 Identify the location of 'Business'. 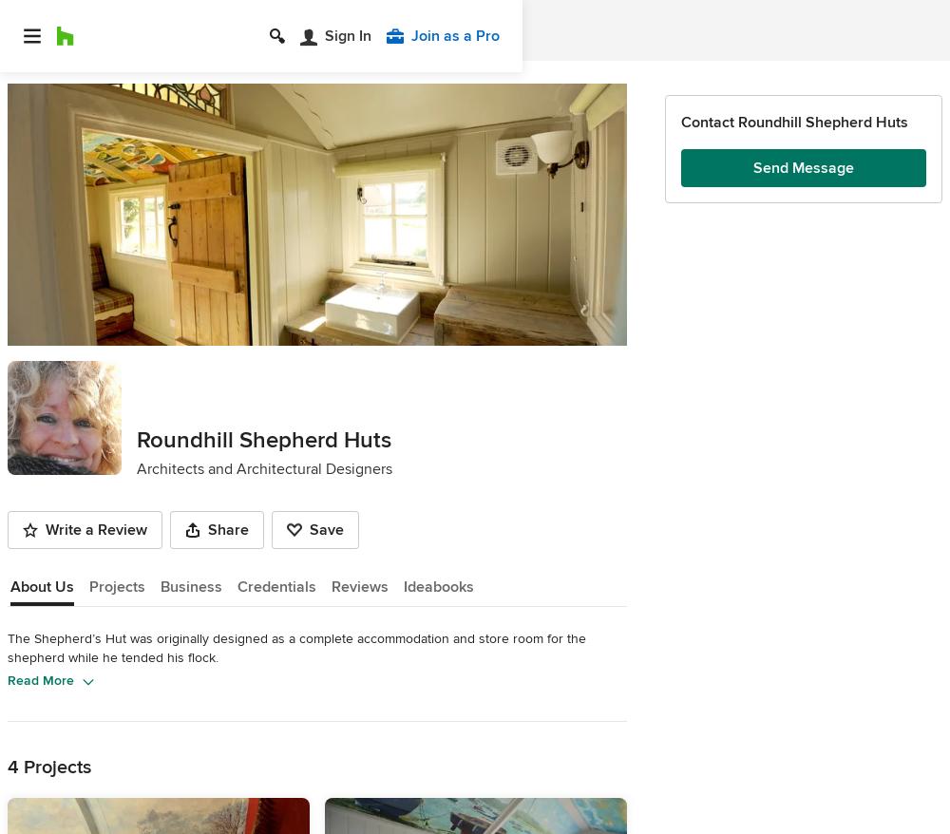
(190, 584).